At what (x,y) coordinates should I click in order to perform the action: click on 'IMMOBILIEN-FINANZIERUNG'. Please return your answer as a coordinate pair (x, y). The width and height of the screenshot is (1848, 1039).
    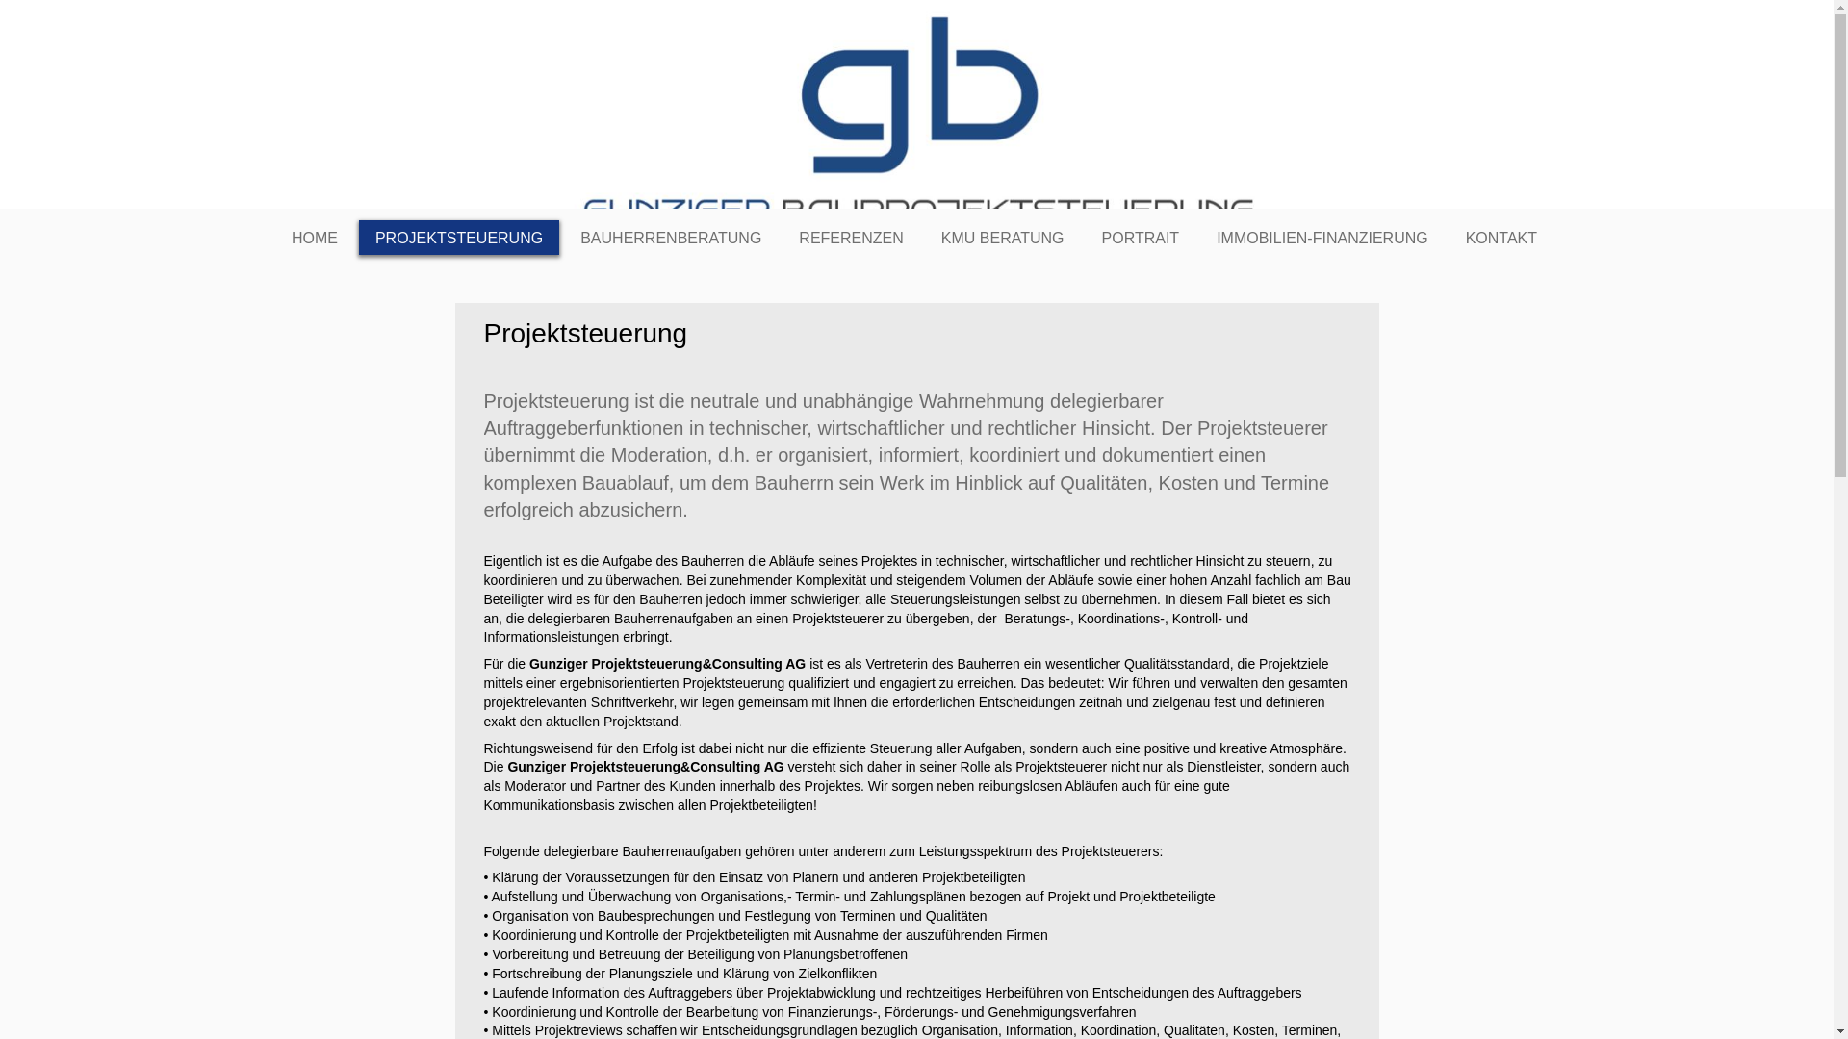
    Looking at the image, I should click on (1199, 236).